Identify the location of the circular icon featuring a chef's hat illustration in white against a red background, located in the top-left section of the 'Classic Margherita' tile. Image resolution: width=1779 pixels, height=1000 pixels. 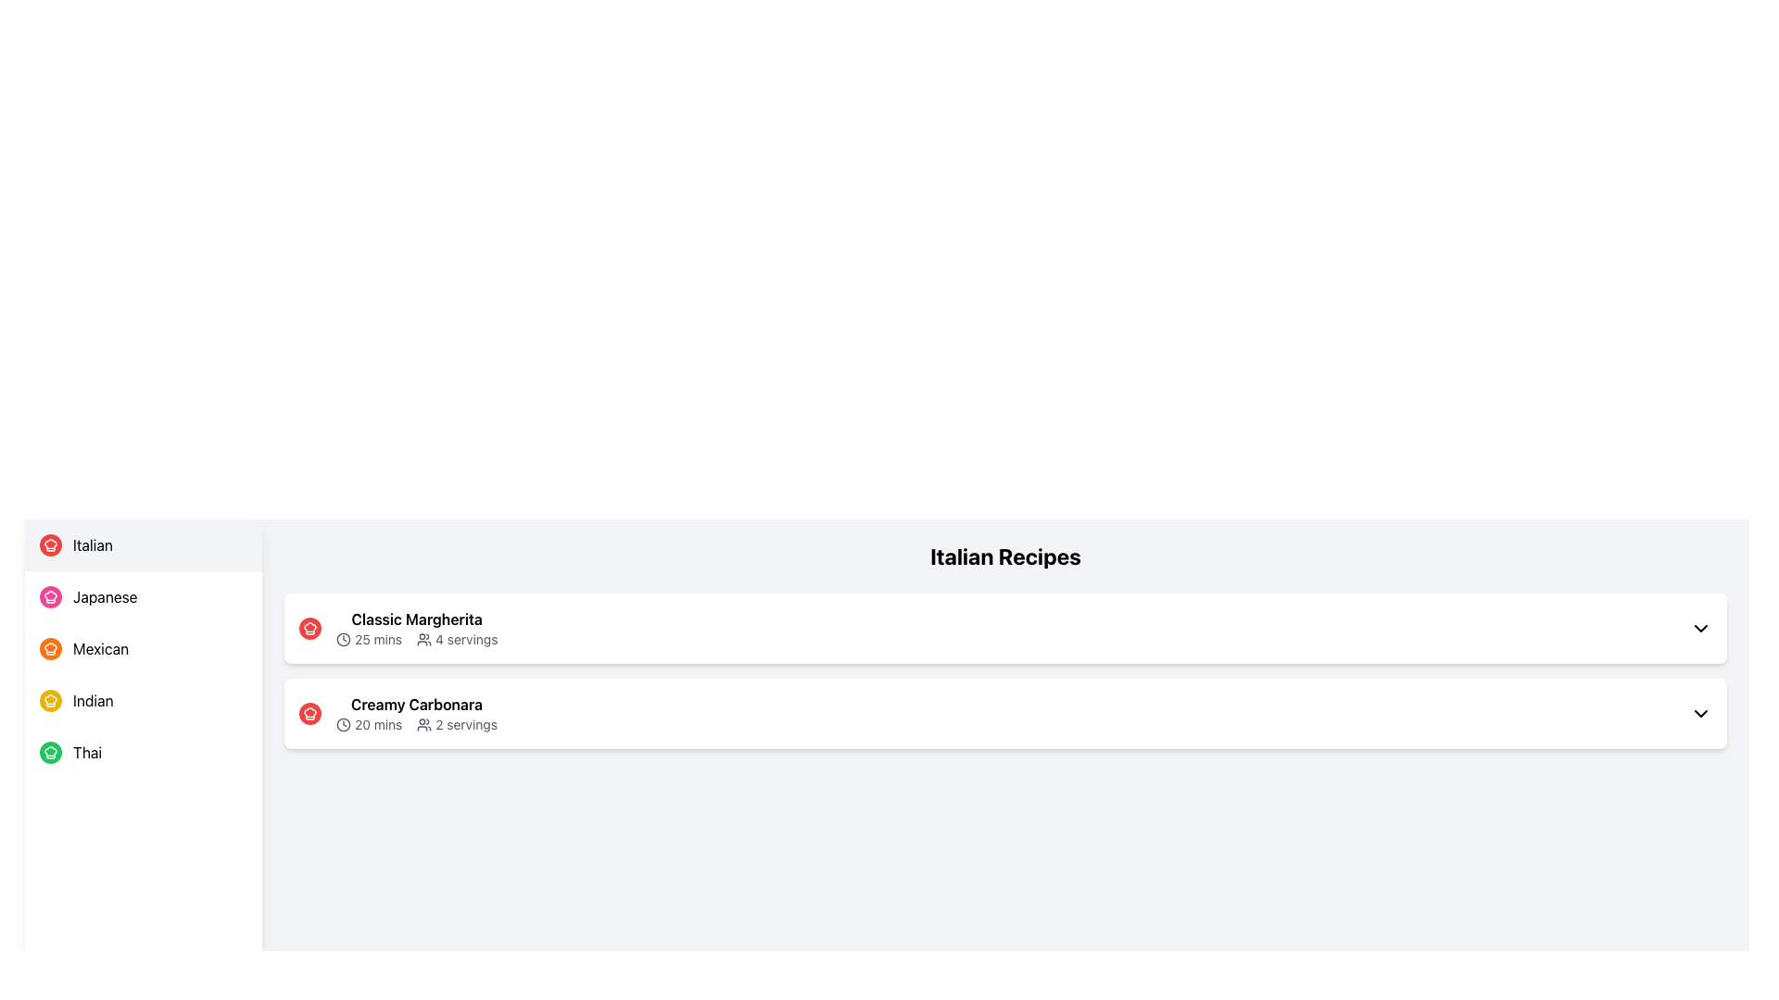
(310, 627).